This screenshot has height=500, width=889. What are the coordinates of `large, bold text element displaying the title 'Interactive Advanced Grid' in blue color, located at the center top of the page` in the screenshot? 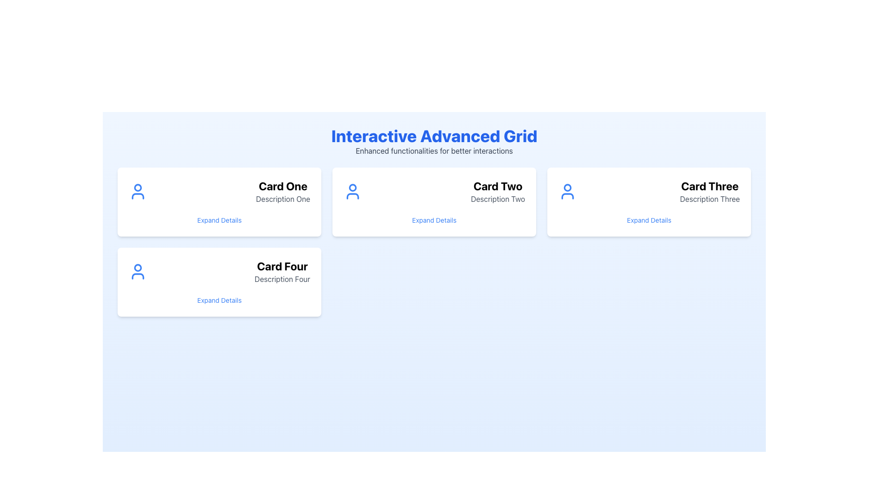 It's located at (433, 136).